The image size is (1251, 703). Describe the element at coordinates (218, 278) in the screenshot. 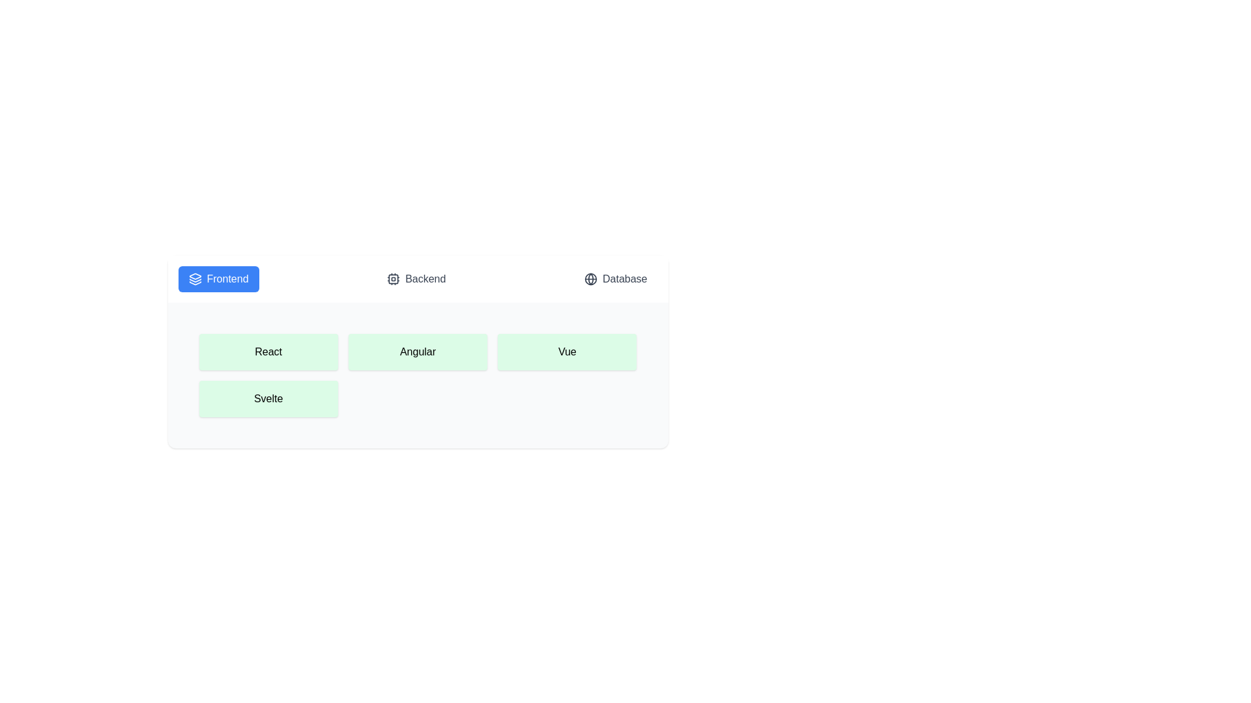

I see `the Frontend tab to switch to it` at that location.